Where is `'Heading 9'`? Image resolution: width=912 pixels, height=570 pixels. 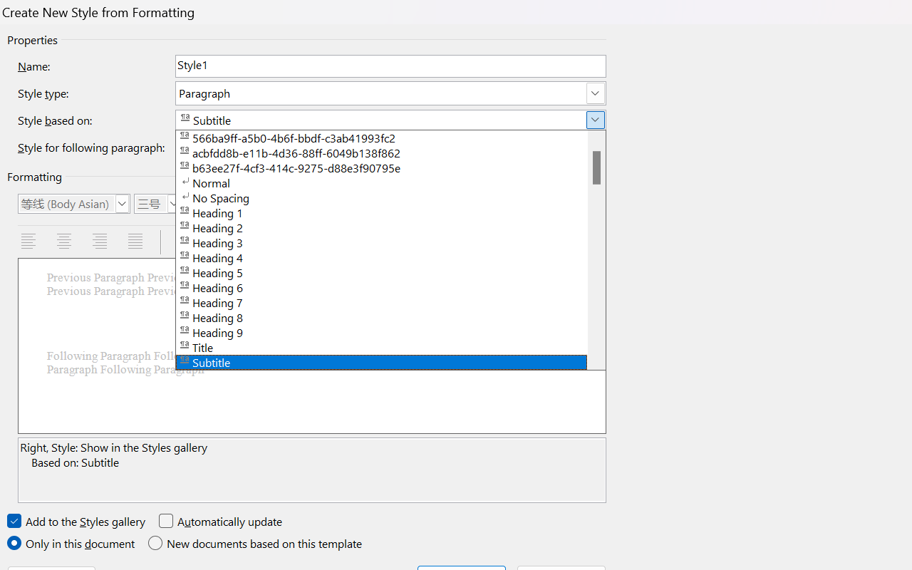 'Heading 9' is located at coordinates (390, 331).